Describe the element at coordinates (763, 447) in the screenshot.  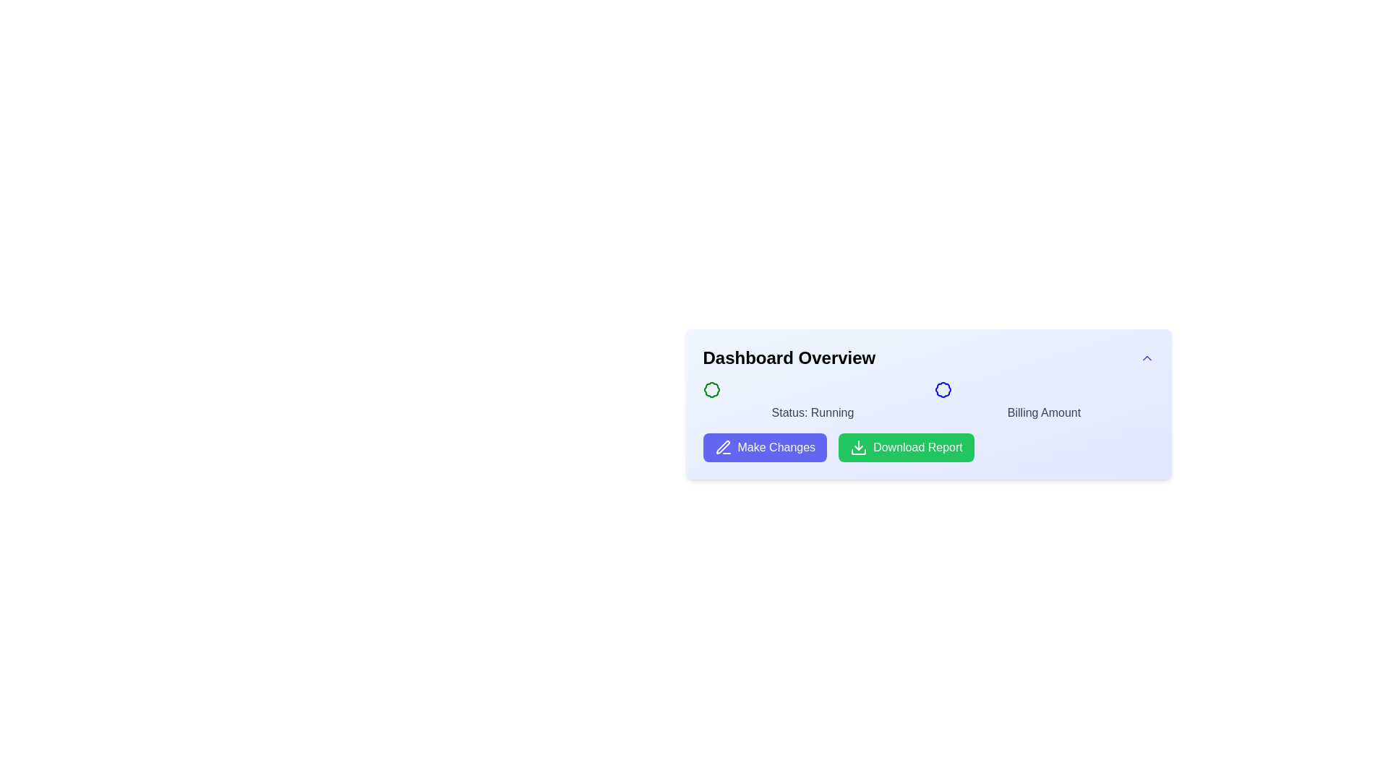
I see `the first button in the group below the 'Dashboard Overview' to initiate the 'Make Changes' action` at that location.